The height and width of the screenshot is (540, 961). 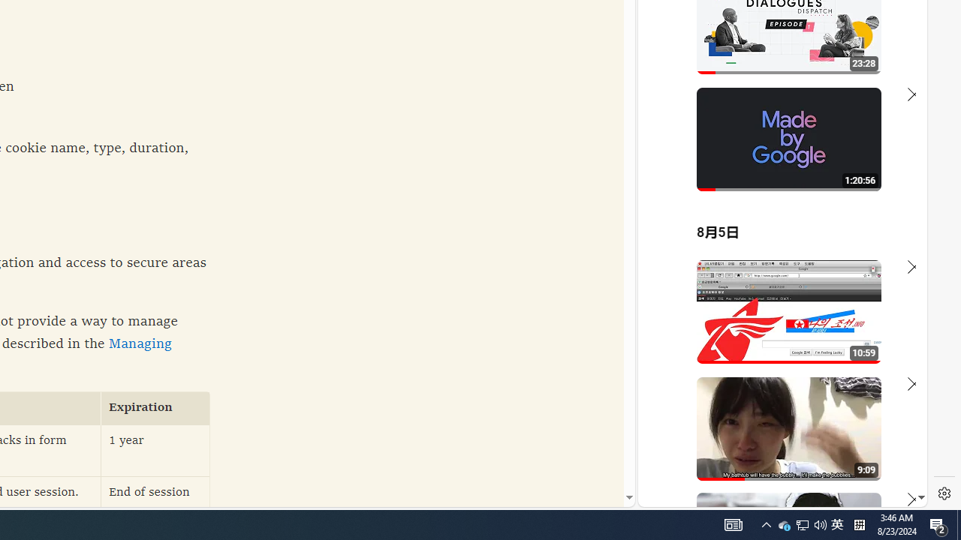 I want to click on 'End of session', so click(x=155, y=502).